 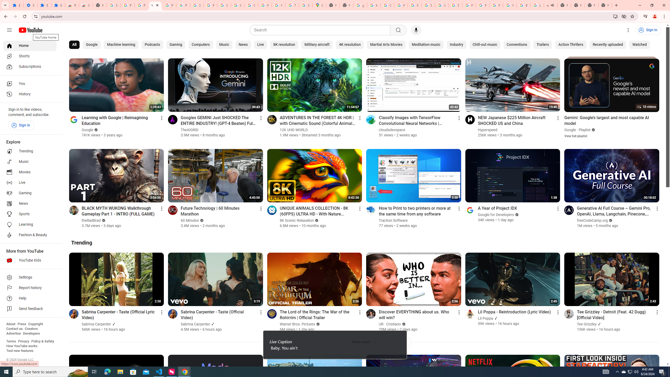 I want to click on 'Podcasts', so click(x=152, y=45).